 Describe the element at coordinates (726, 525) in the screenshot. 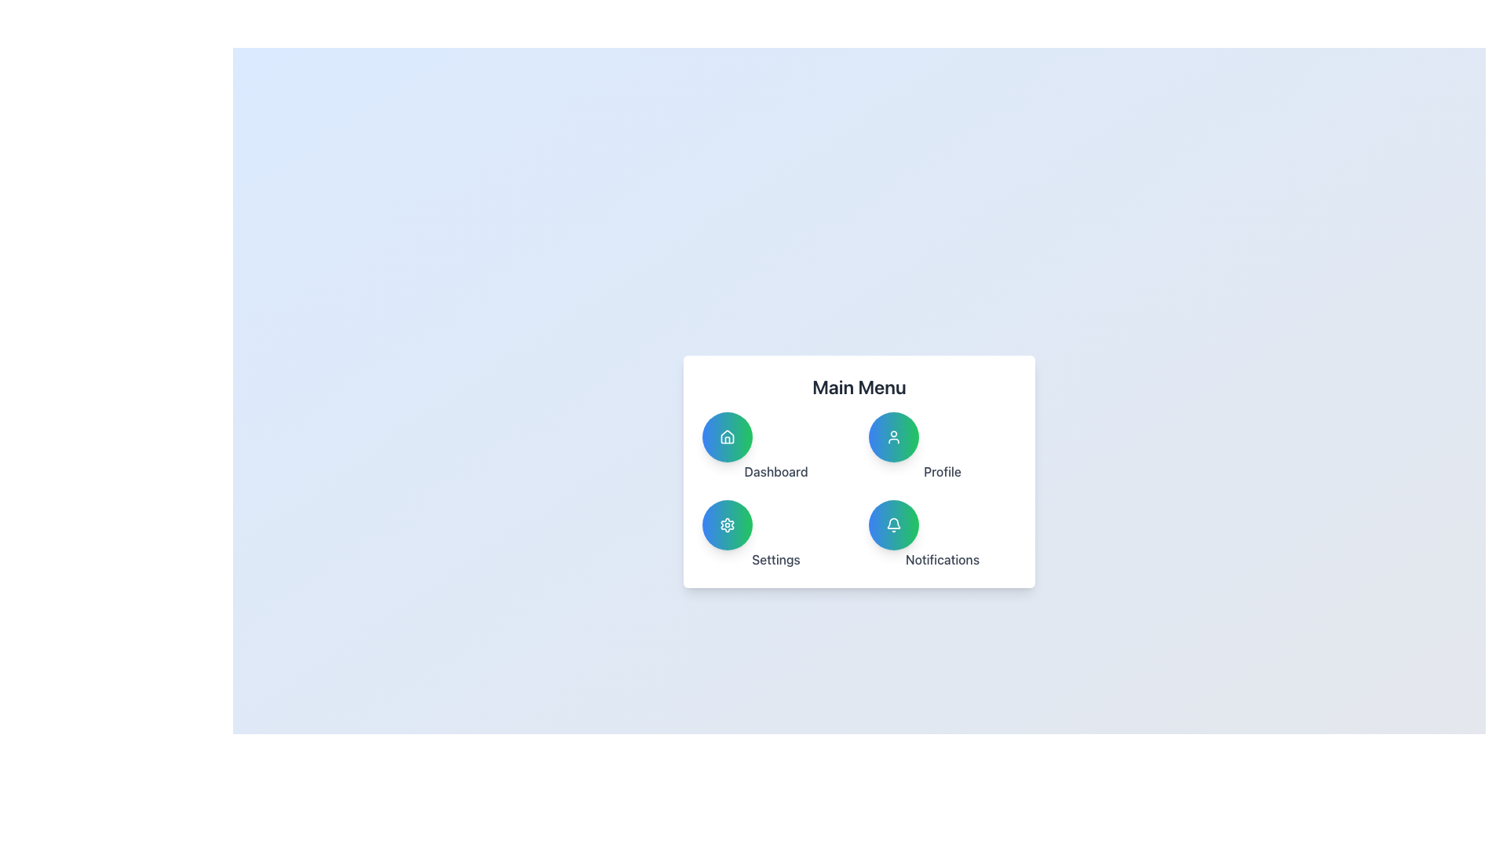

I see `the circular settings button with a gradient from blue to green, featuring a white gear icon, located in the 'Settings' menu section for accessibility` at that location.